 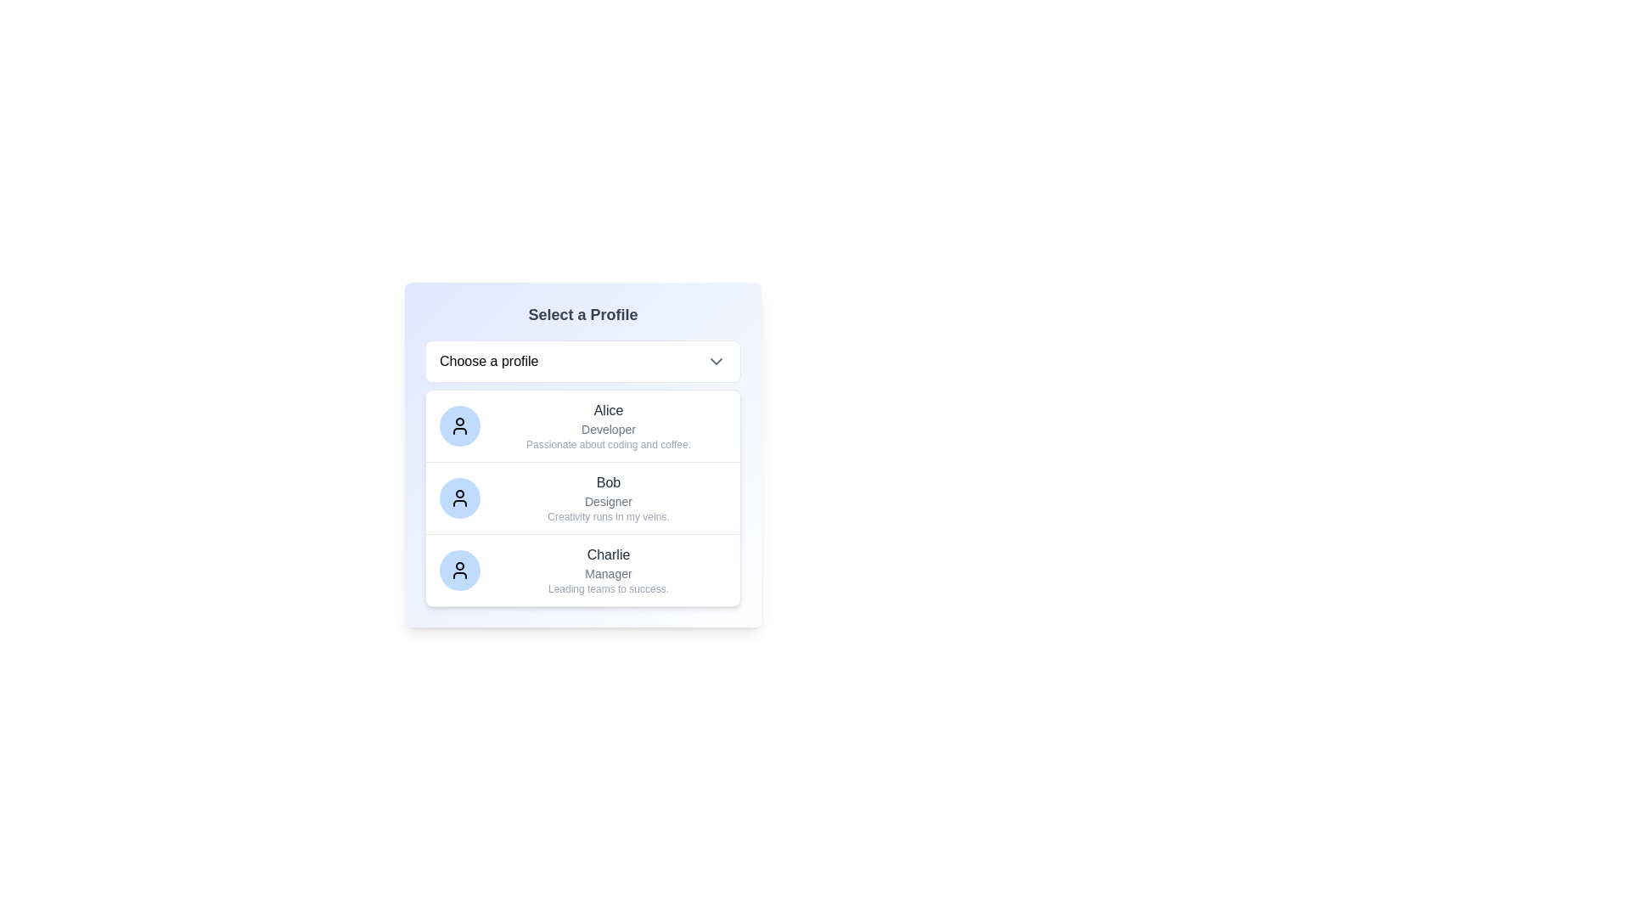 What do you see at coordinates (608, 588) in the screenshot?
I see `the text label providing supplementary information about Charlie's role, located below the title 'Manager' in Charlie's profile card` at bounding box center [608, 588].